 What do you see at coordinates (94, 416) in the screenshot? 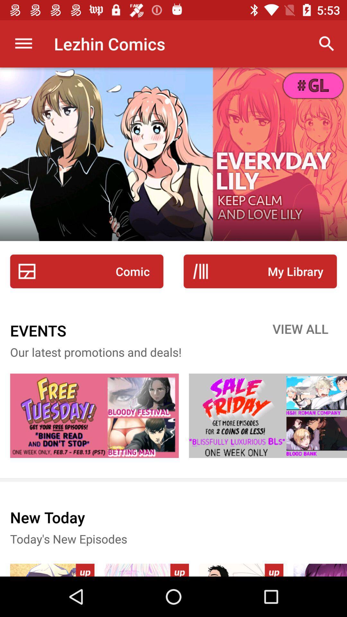
I see `the icon below the our latest promotions` at bounding box center [94, 416].